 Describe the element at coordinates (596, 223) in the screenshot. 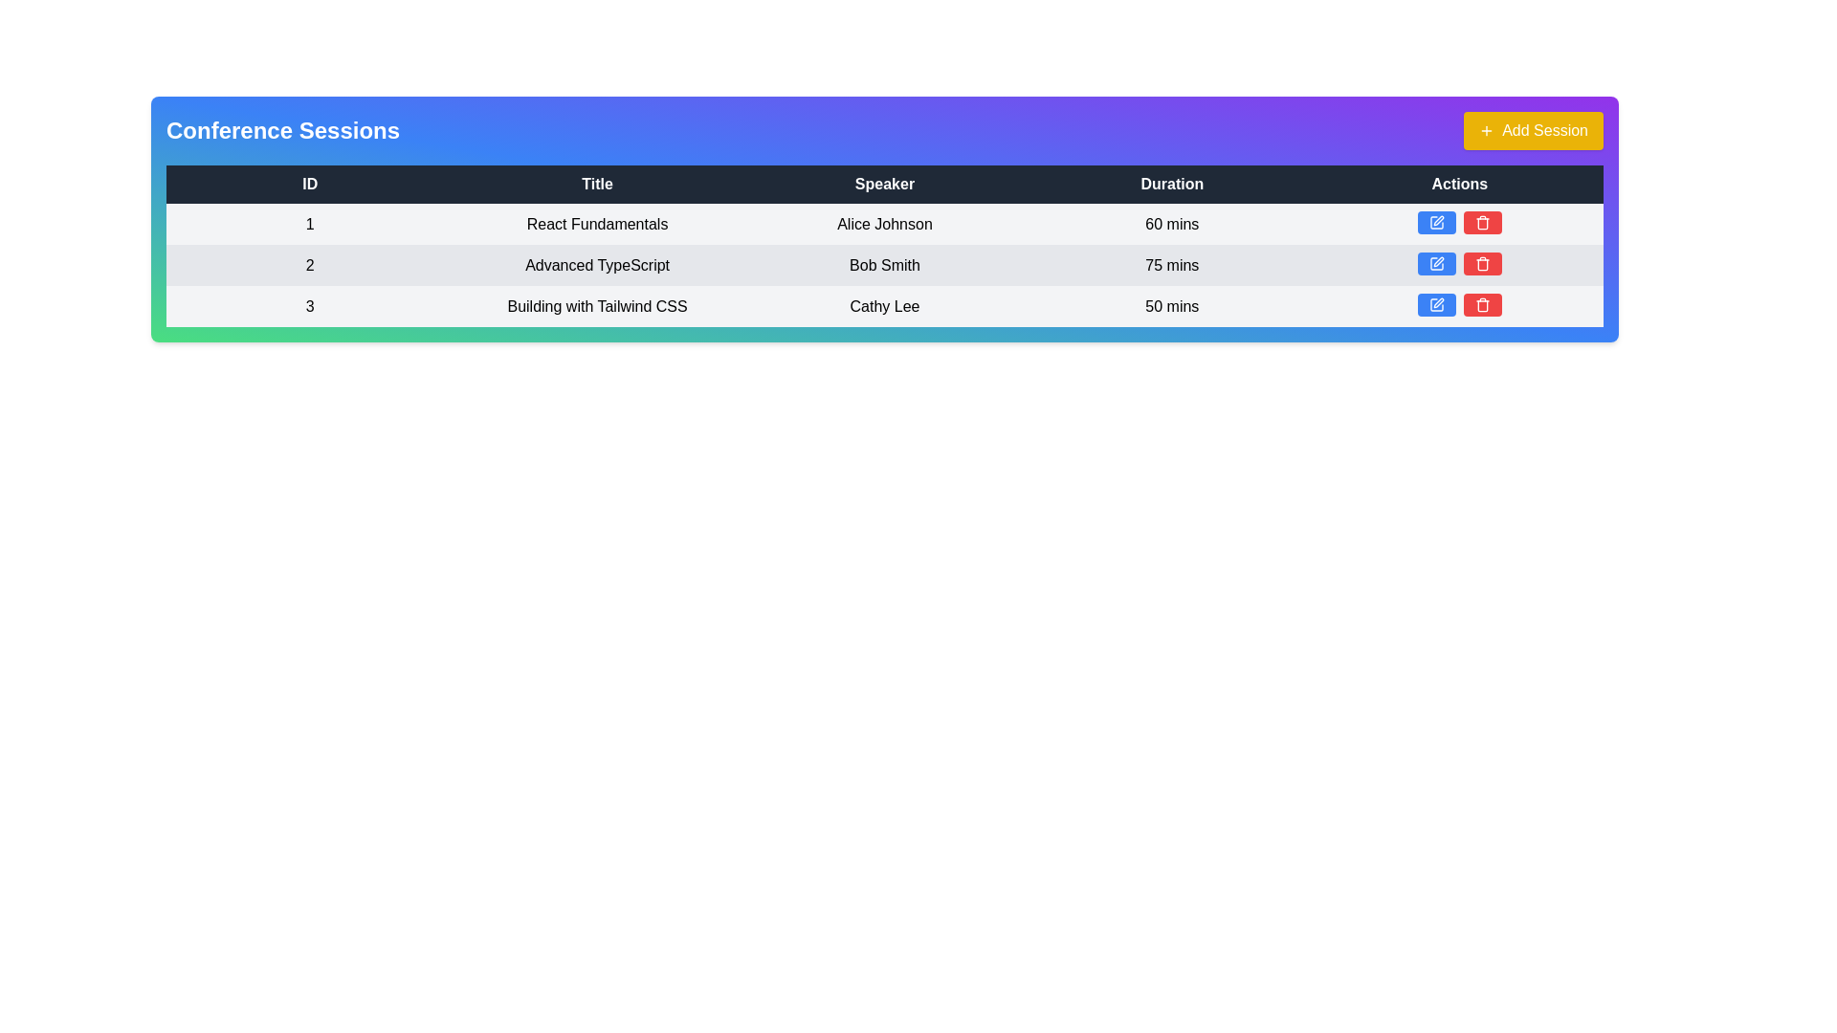

I see `the text label displaying 'React Fundamentals' located in the second cell of the first row of the table under the 'Title' column` at that location.